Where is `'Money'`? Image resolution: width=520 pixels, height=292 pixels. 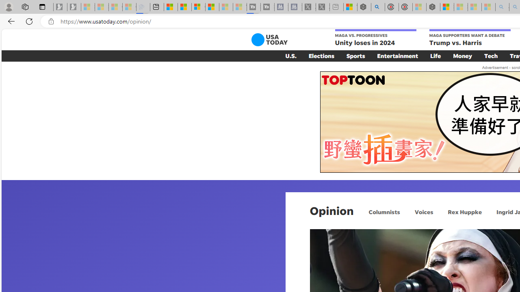 'Money' is located at coordinates (462, 55).